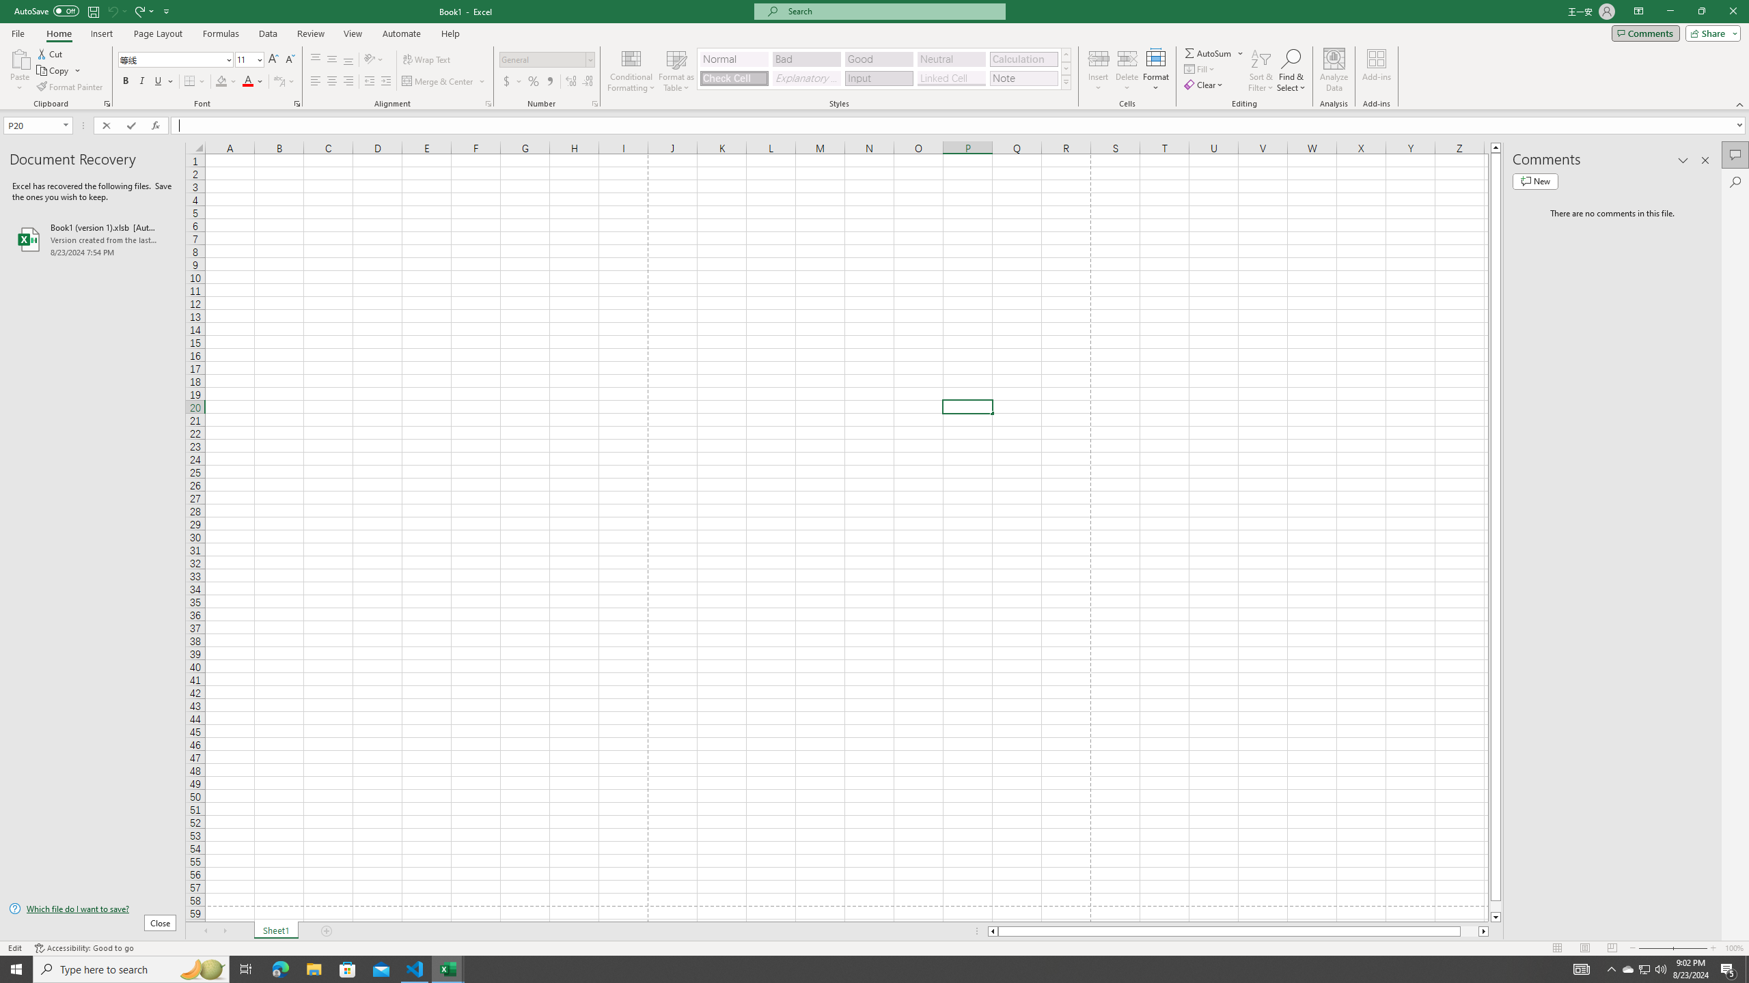 Image resolution: width=1749 pixels, height=983 pixels. I want to click on 'Row Down', so click(1066, 68).